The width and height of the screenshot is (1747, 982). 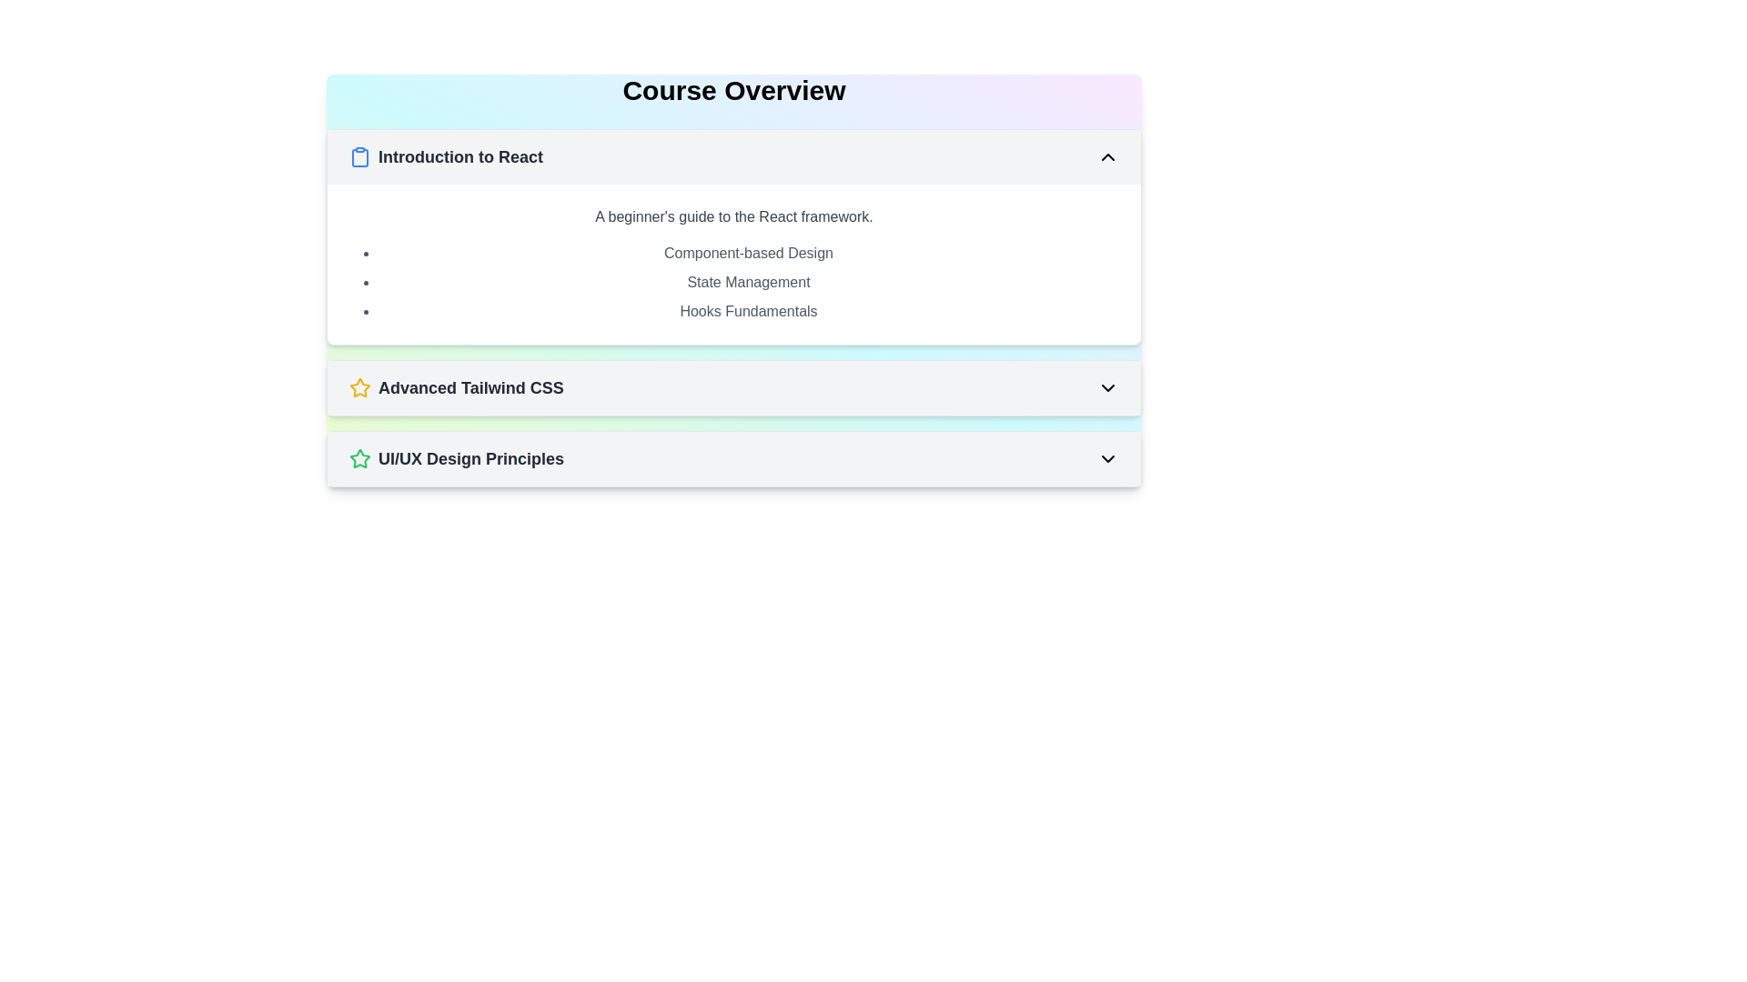 What do you see at coordinates (359, 458) in the screenshot?
I see `the star-shaped icon with a green outline and white fill, located to the left of the 'UI/UX Design Principles' text` at bounding box center [359, 458].